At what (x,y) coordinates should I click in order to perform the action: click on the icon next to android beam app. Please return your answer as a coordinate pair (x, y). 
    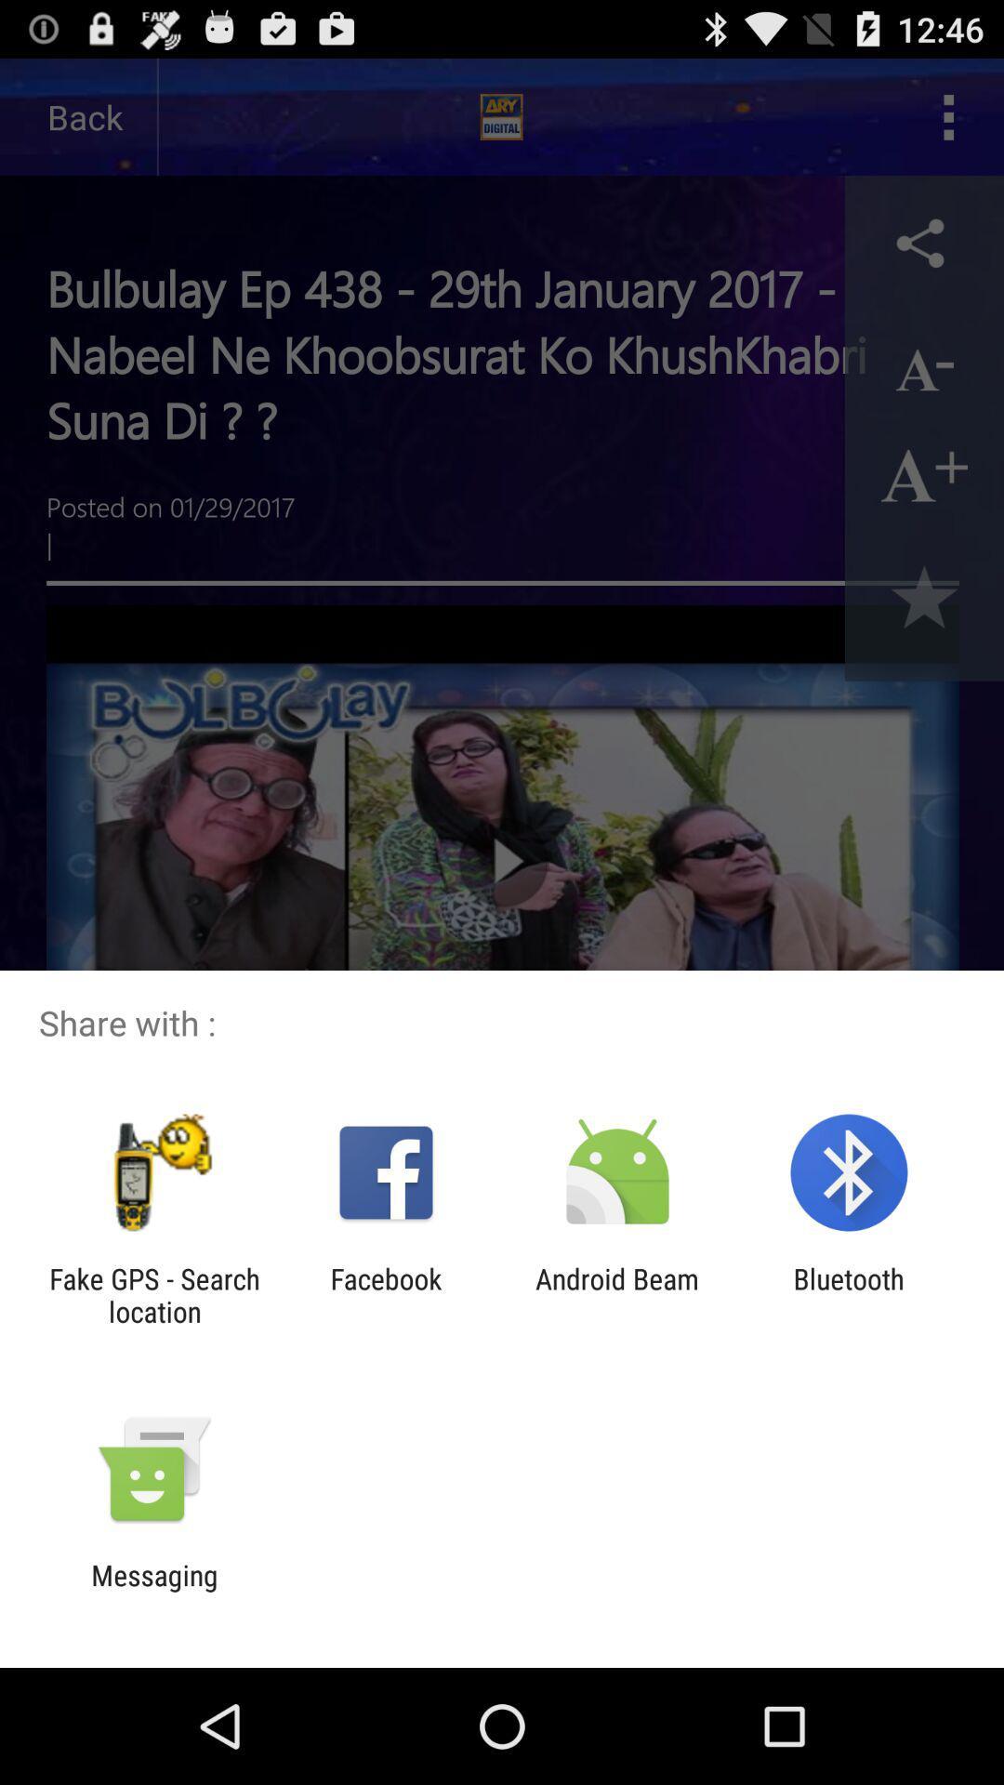
    Looking at the image, I should click on (849, 1294).